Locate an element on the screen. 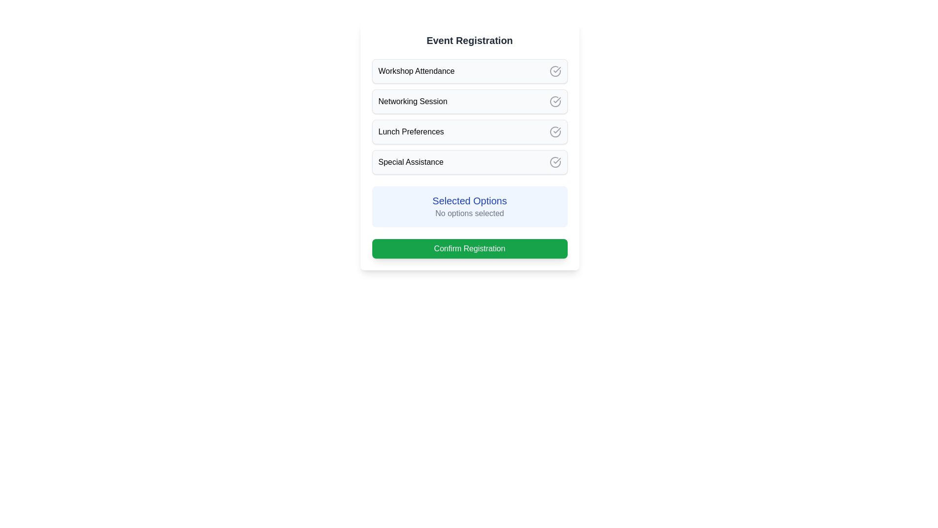 The width and height of the screenshot is (938, 528). the status indication by checking the Icon (Checkmark Circle) located to the right of the 'Networking Session' text label in the Event Registration form is located at coordinates (555, 102).